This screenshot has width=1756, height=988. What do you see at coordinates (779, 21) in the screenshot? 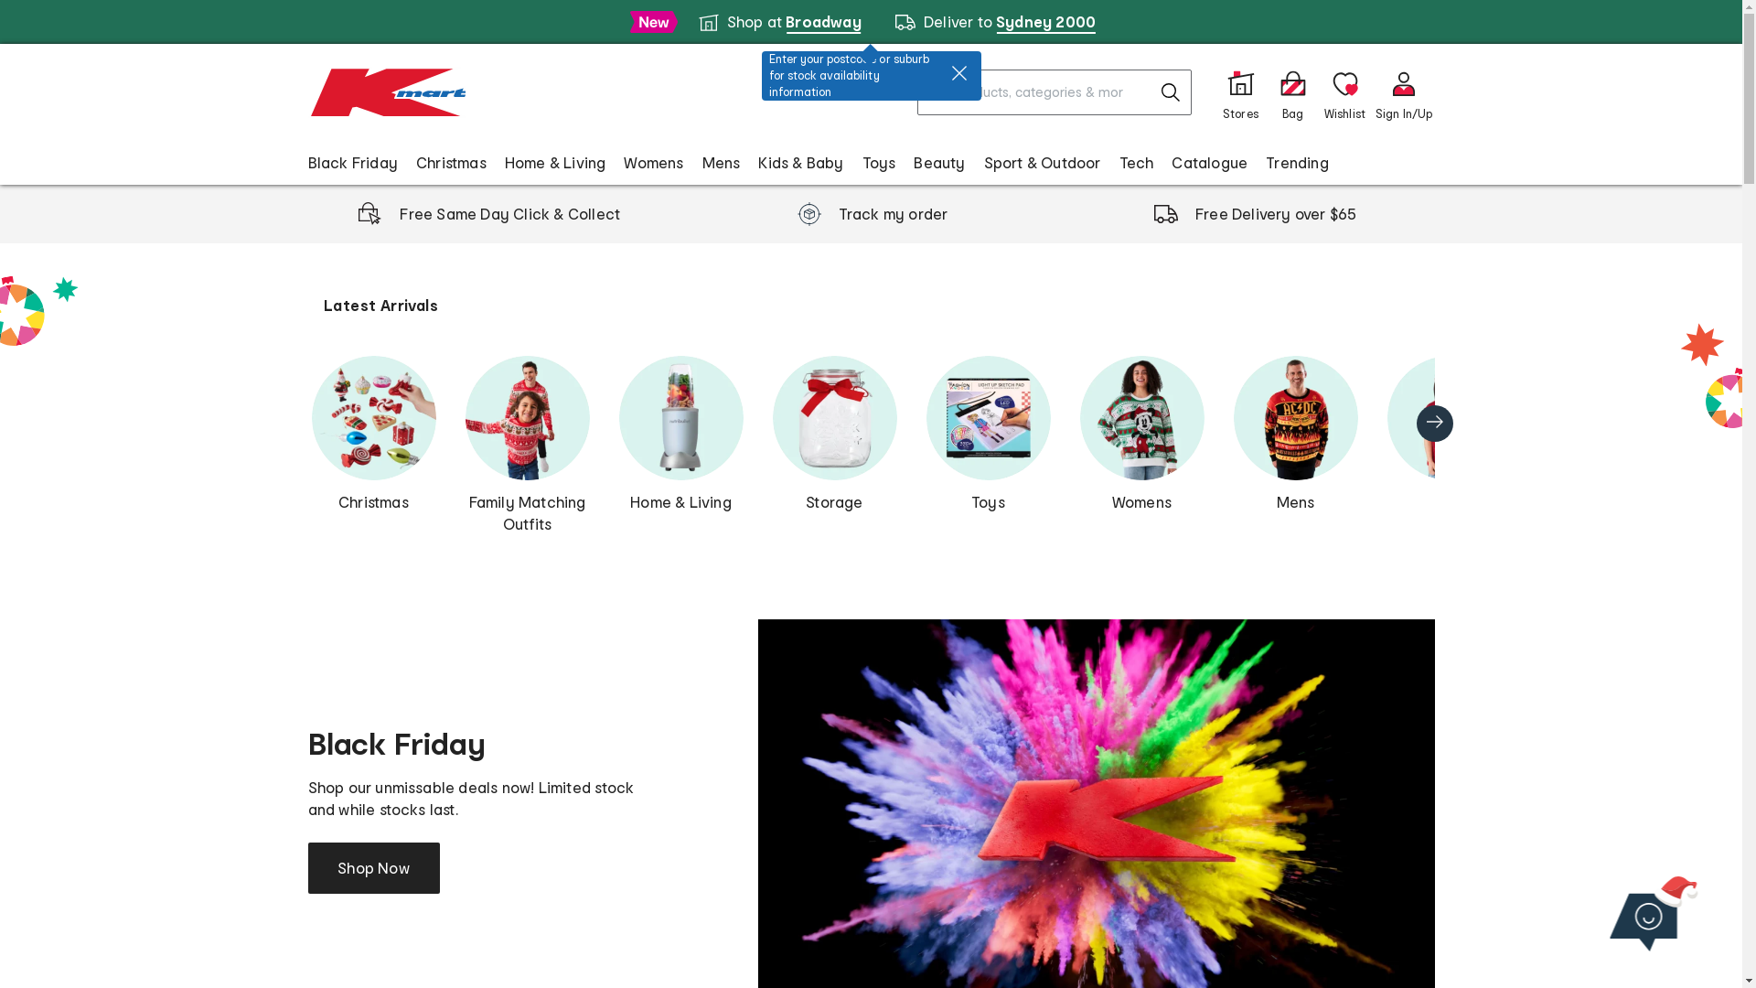
I see `'Shop at` at bounding box center [779, 21].